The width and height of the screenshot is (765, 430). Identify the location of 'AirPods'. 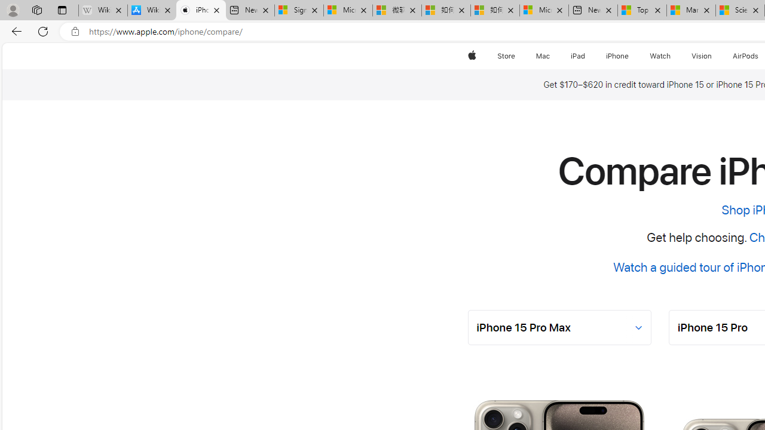
(745, 56).